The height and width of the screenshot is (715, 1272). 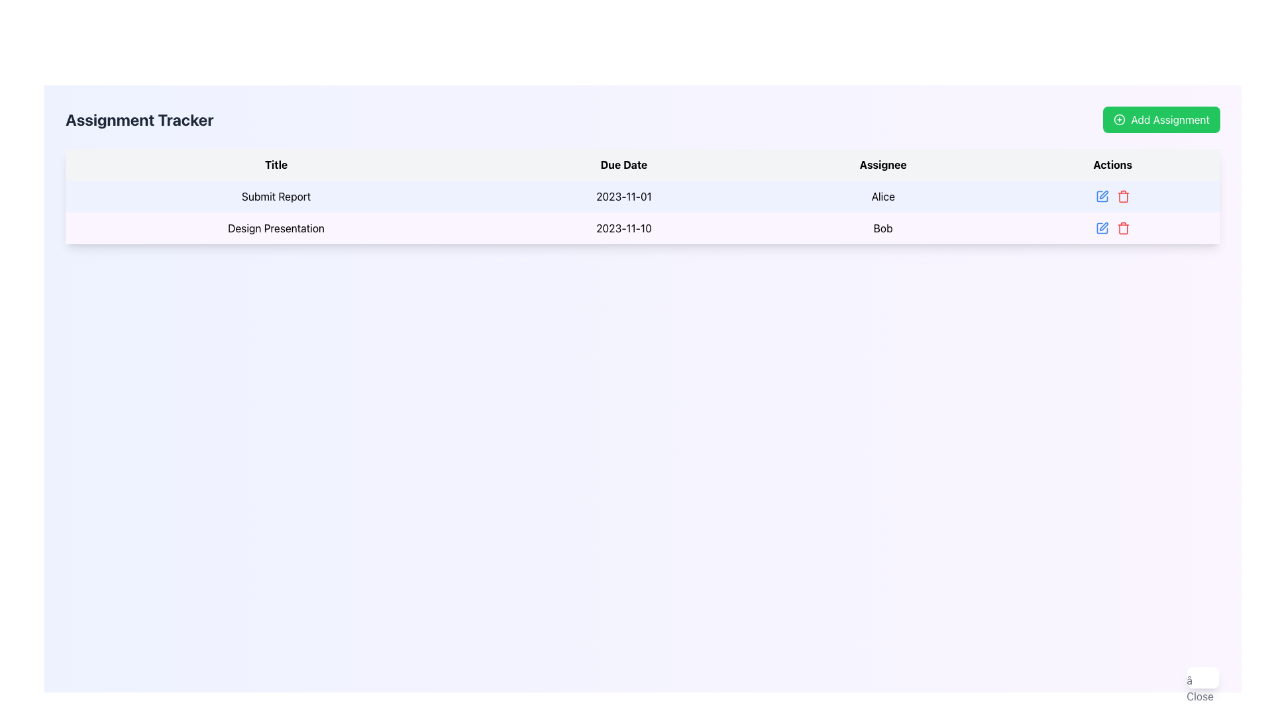 I want to click on text label that identifies the column for individuals assigned to tasks in the table header, located between the 'Due Date' and 'Actions' columns, so click(x=883, y=164).